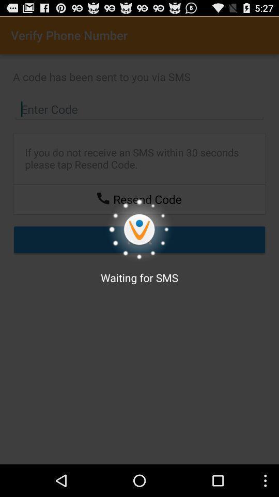 This screenshot has height=497, width=279. I want to click on resend code through phone, so click(103, 197).